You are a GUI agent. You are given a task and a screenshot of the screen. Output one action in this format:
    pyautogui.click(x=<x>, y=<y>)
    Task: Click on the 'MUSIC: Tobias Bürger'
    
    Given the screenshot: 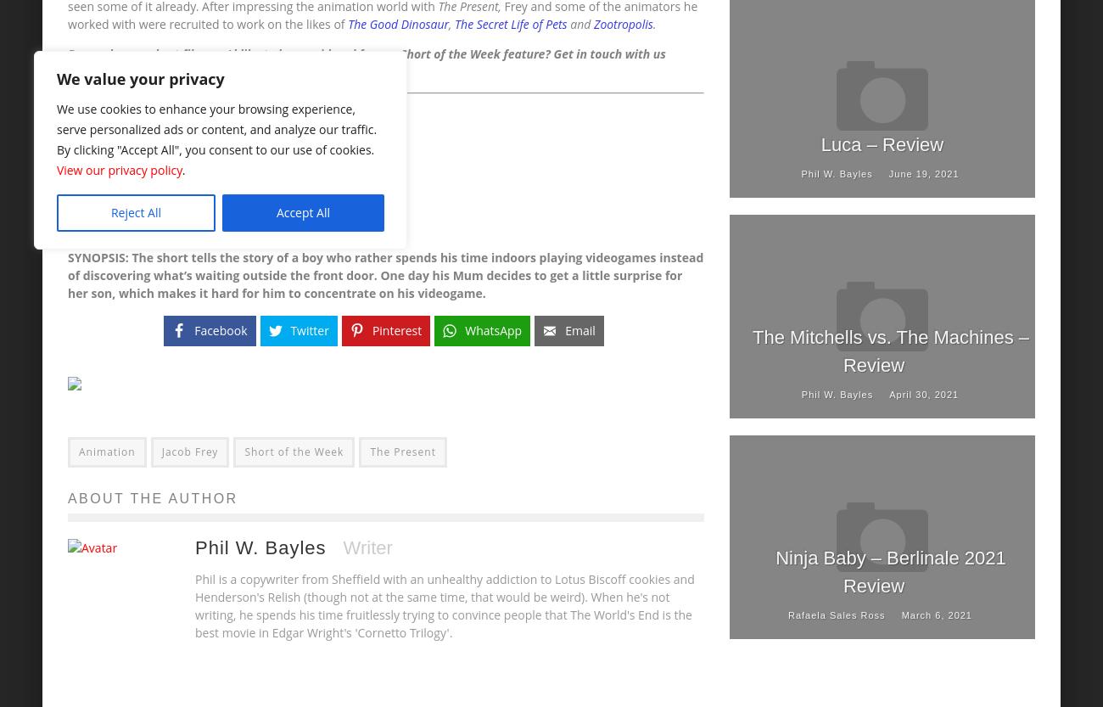 What is the action you would take?
    pyautogui.click(x=67, y=227)
    